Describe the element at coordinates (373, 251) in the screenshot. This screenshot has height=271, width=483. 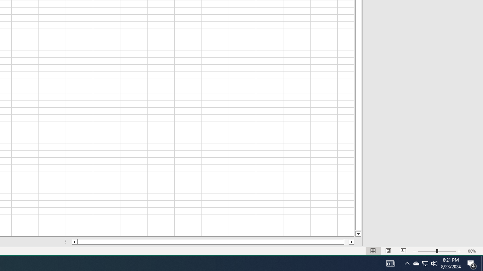
I see `'Normal'` at that location.